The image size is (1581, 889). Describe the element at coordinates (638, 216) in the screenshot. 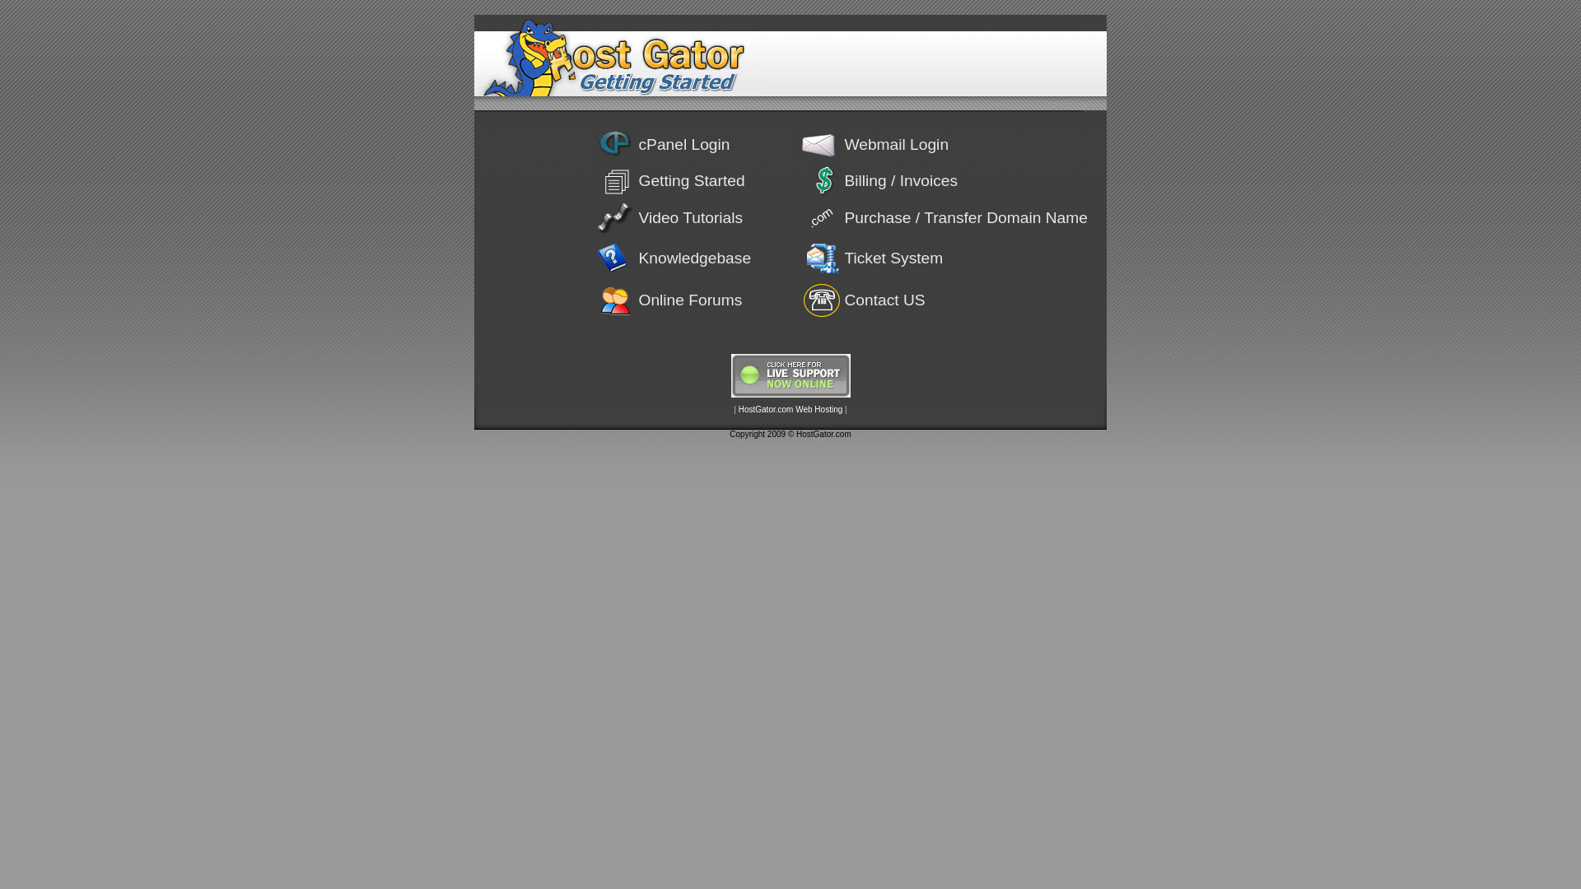

I see `'Video Tutorials'` at that location.